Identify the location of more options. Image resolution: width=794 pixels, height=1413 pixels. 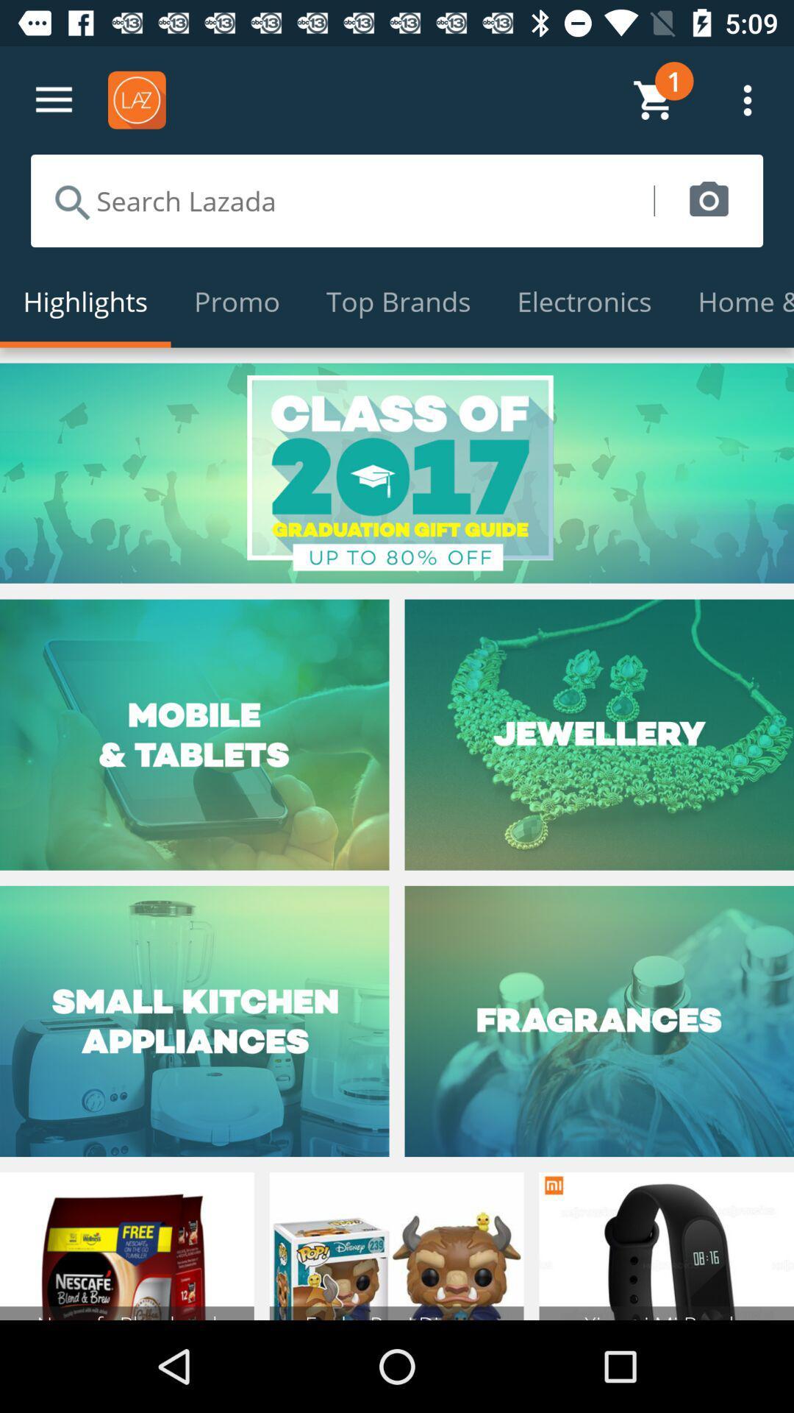
(53, 99).